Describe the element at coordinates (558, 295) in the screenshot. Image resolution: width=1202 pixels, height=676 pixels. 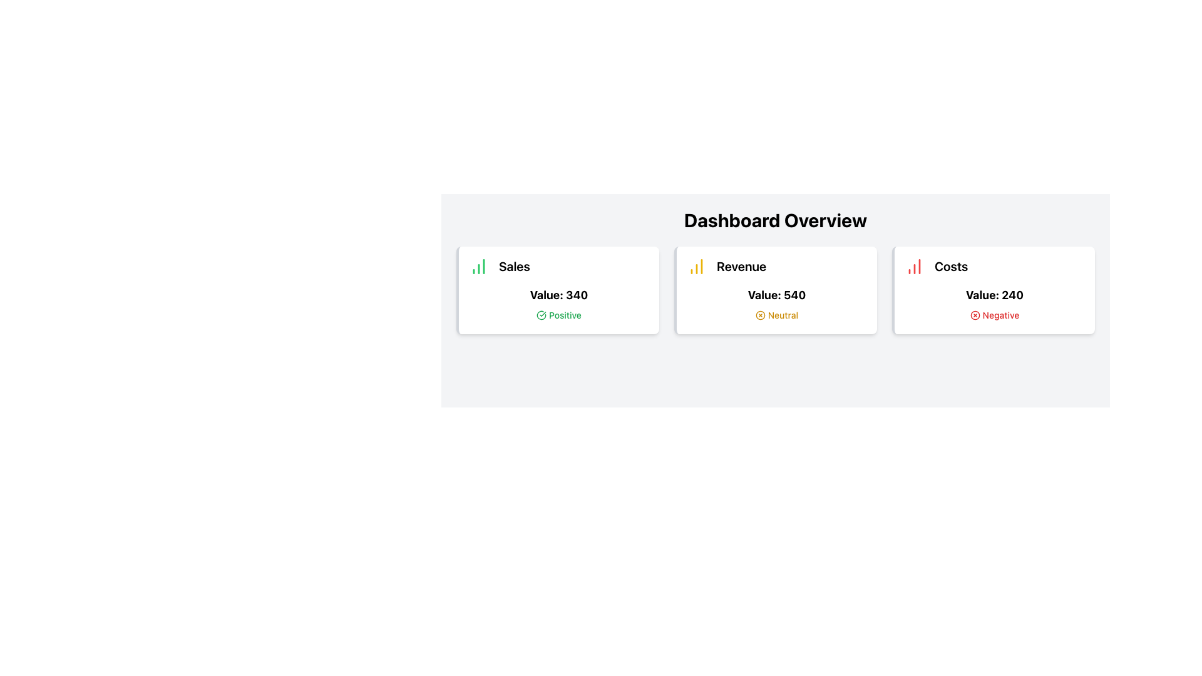
I see `the Text Display element that shows the numerical value '340' for the metric labeled 'Sales', located in the central left card of the dashboard` at that location.